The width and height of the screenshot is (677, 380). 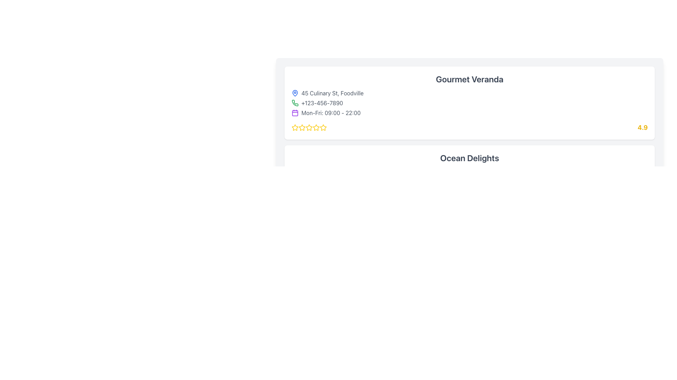 I want to click on the small green phone icon with a classic telephone handset design, located to the left of the text '+123-456-7890', so click(x=295, y=103).